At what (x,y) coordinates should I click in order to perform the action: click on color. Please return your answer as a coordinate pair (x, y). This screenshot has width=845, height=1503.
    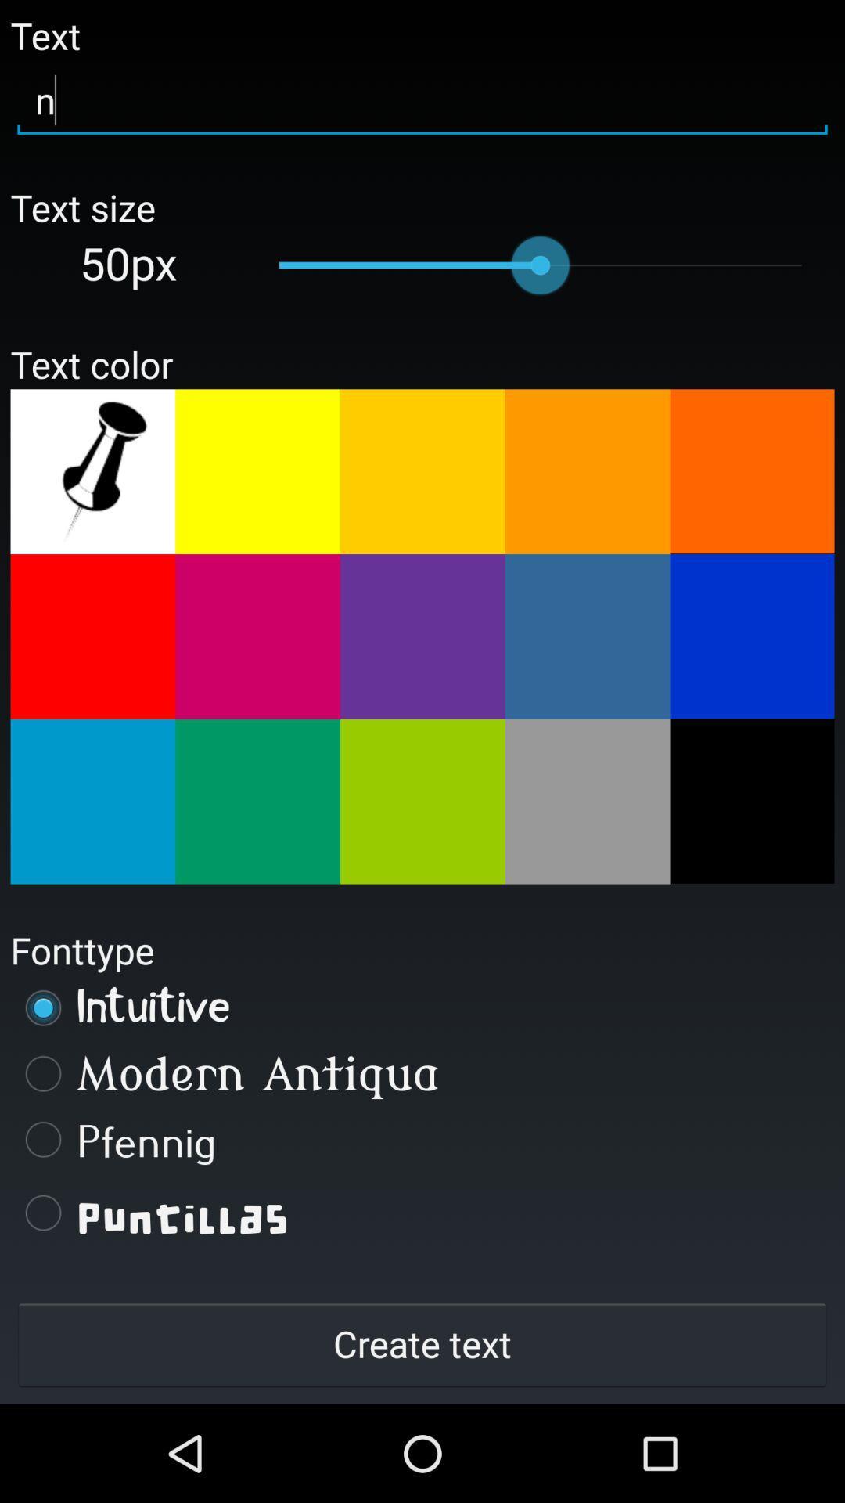
    Looking at the image, I should click on (751, 470).